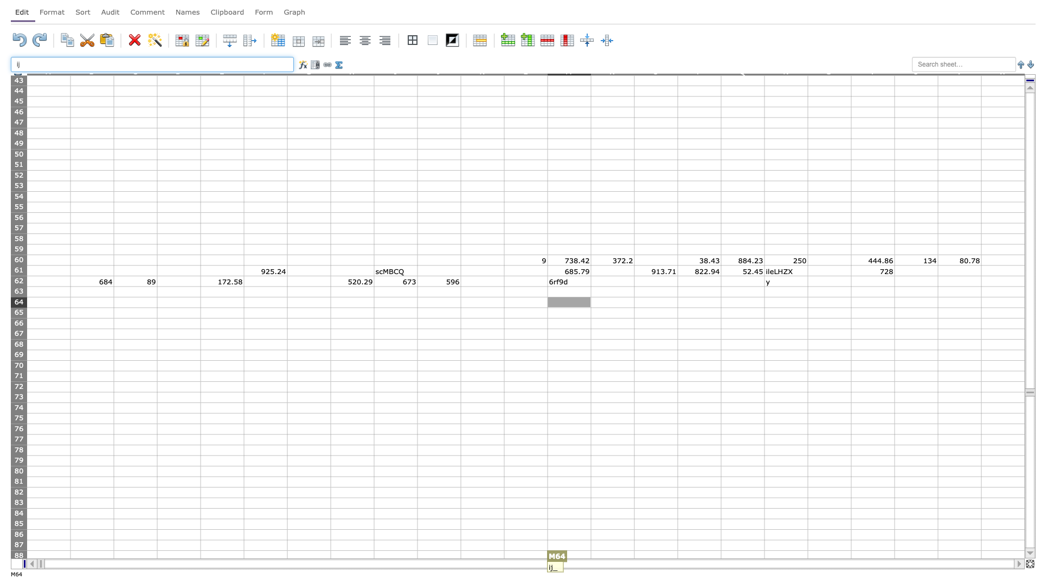 This screenshot has height=585, width=1041. Describe the element at coordinates (721, 523) in the screenshot. I see `left border of Q85` at that location.